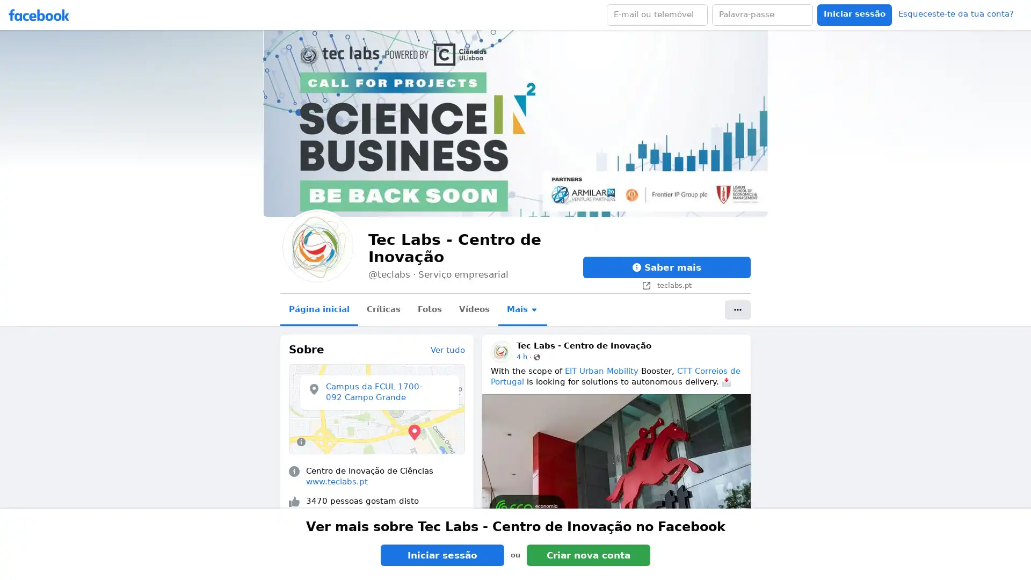  I want to click on Mais acoes, so click(737, 310).